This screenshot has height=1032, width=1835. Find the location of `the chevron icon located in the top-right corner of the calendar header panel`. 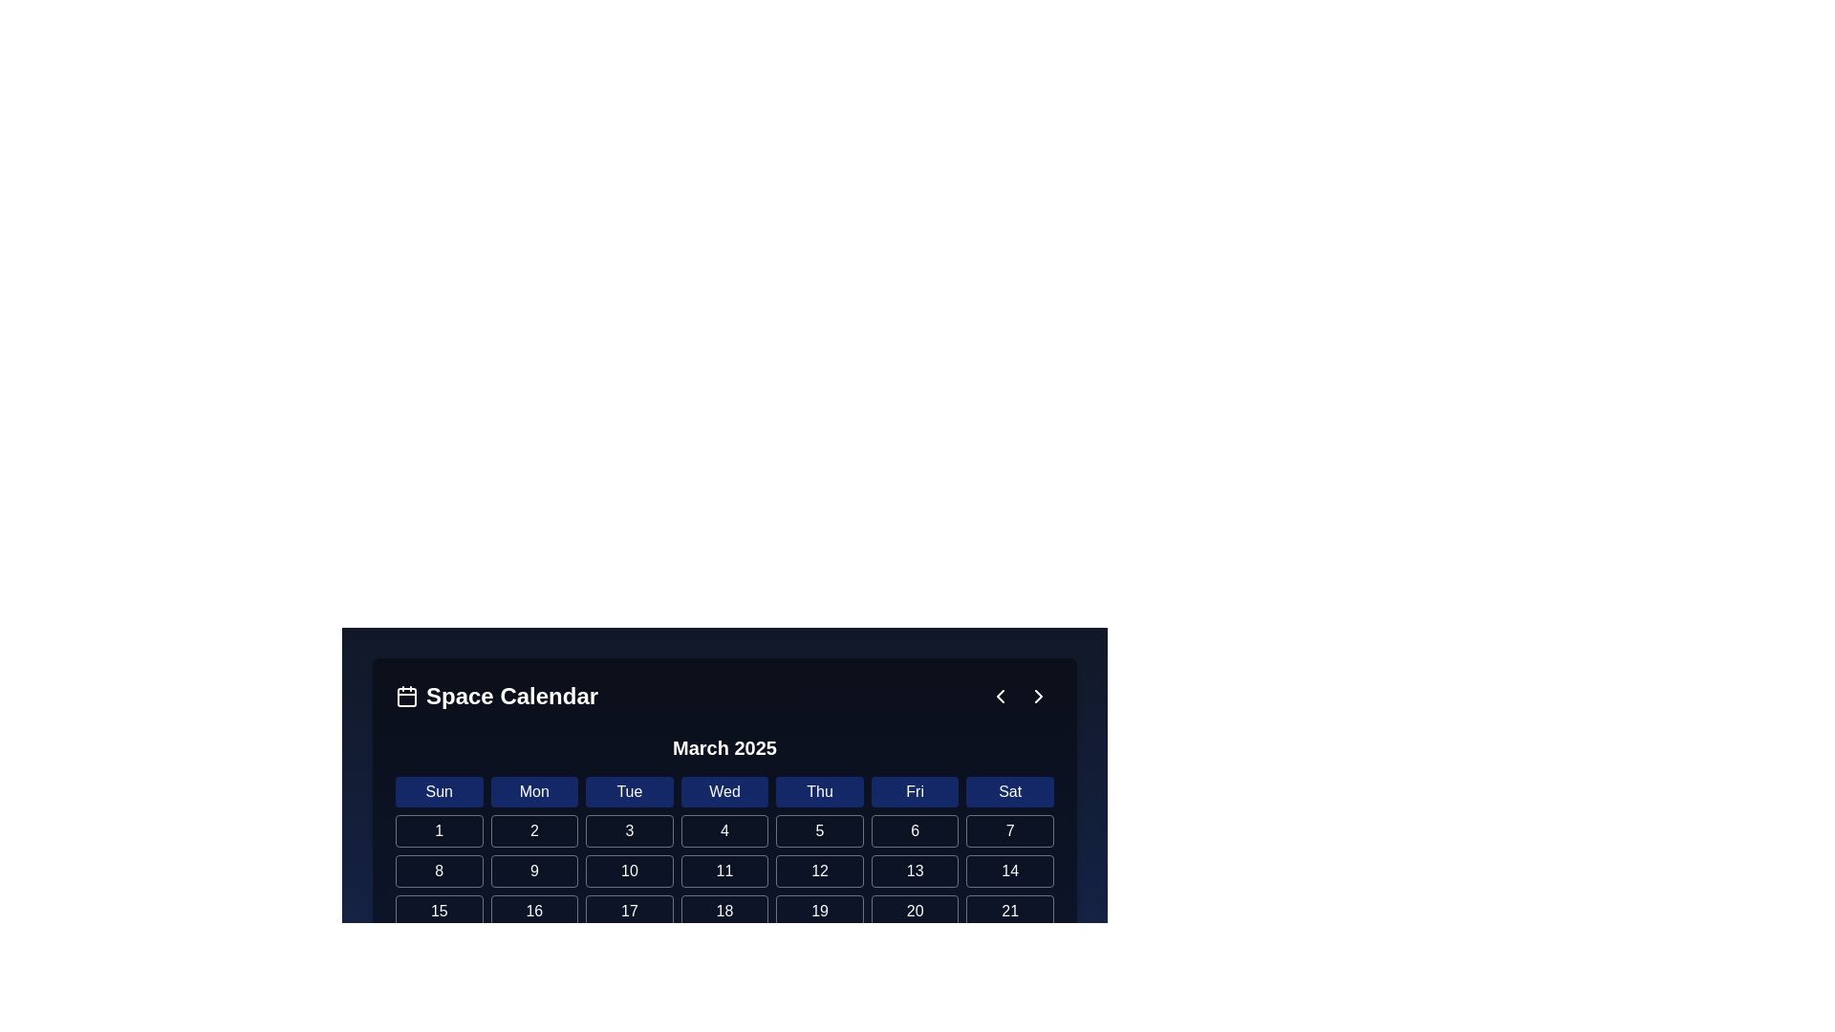

the chevron icon located in the top-right corner of the calendar header panel is located at coordinates (999, 697).